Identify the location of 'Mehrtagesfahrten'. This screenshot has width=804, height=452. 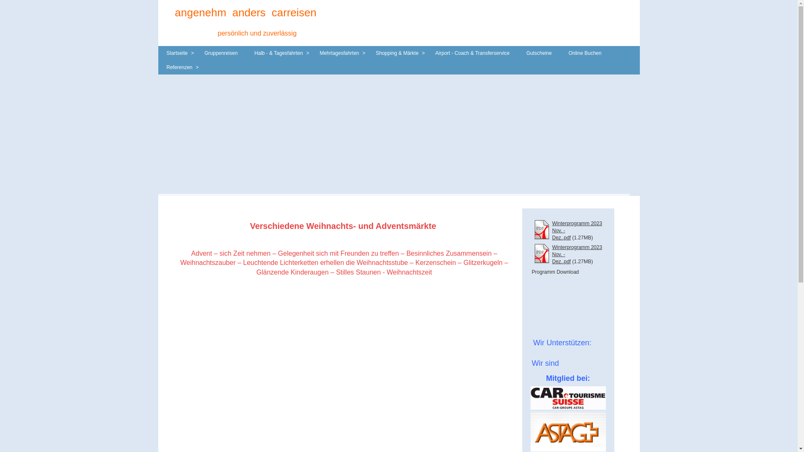
(311, 53).